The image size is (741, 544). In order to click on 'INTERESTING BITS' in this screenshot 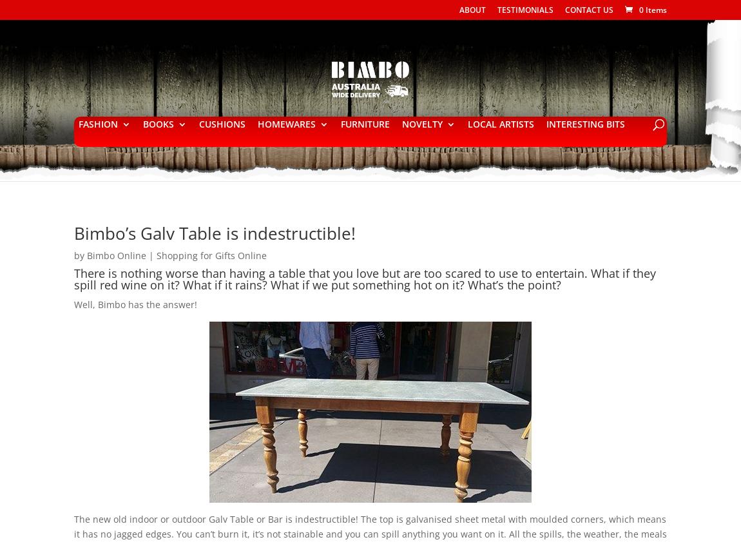, I will do `click(585, 124)`.